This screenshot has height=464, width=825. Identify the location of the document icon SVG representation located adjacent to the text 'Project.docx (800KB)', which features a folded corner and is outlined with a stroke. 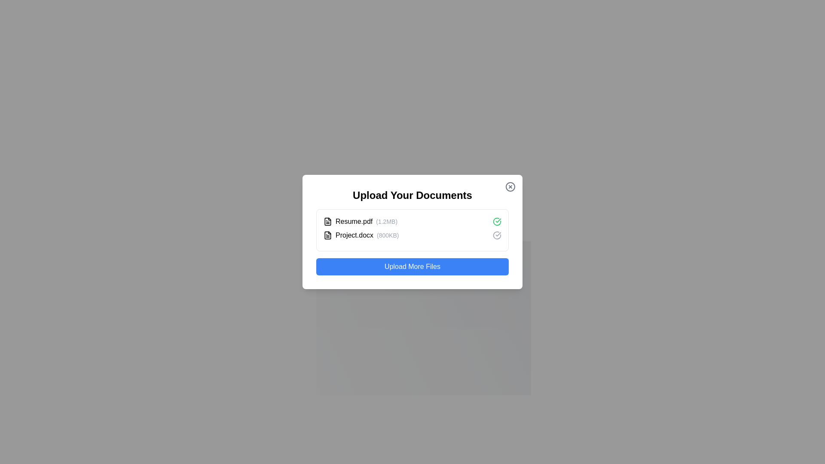
(327, 235).